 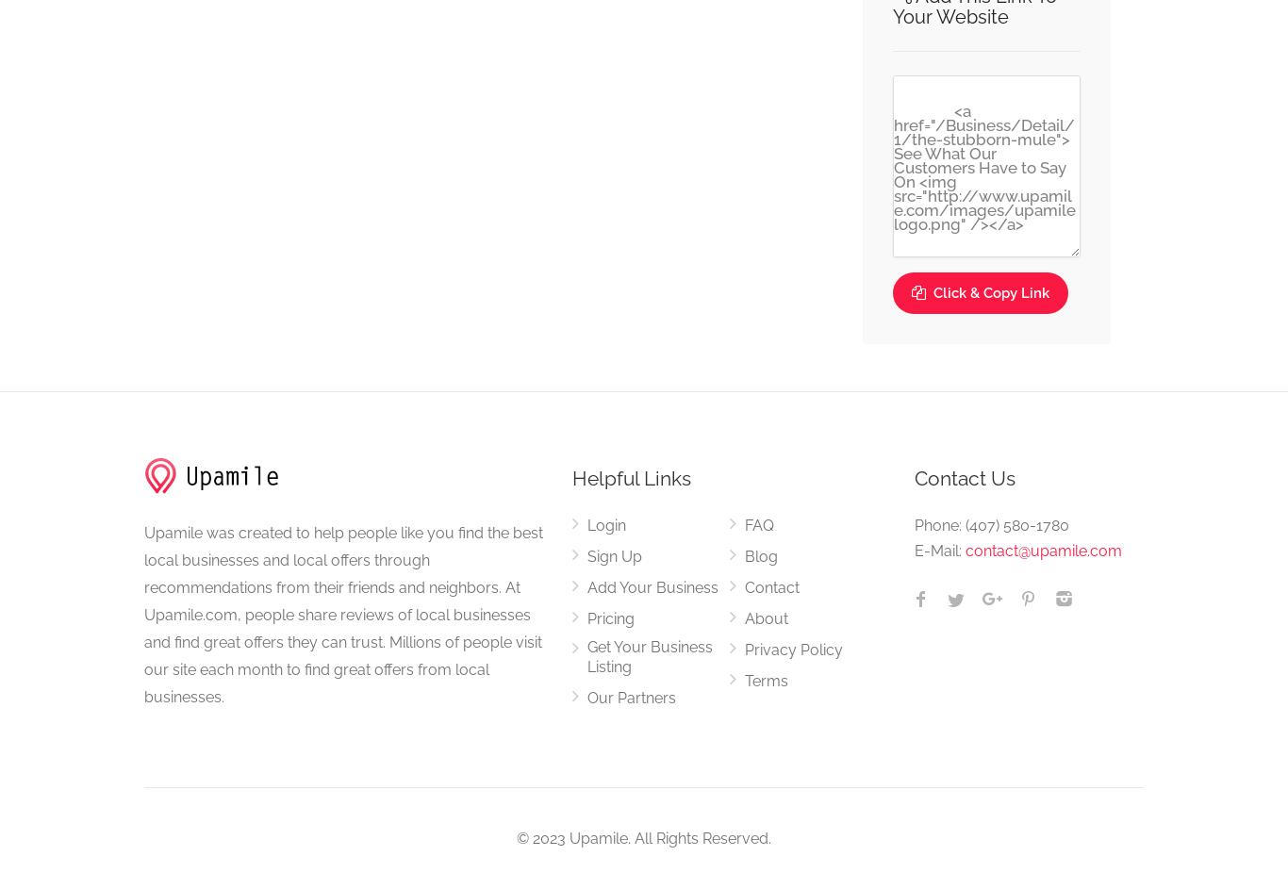 What do you see at coordinates (987, 292) in the screenshot?
I see `'Click & Copy Link'` at bounding box center [987, 292].